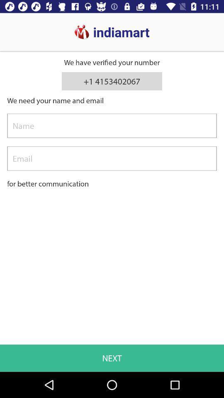 Image resolution: width=224 pixels, height=398 pixels. Describe the element at coordinates (112, 126) in the screenshot. I see `space for writing a name` at that location.